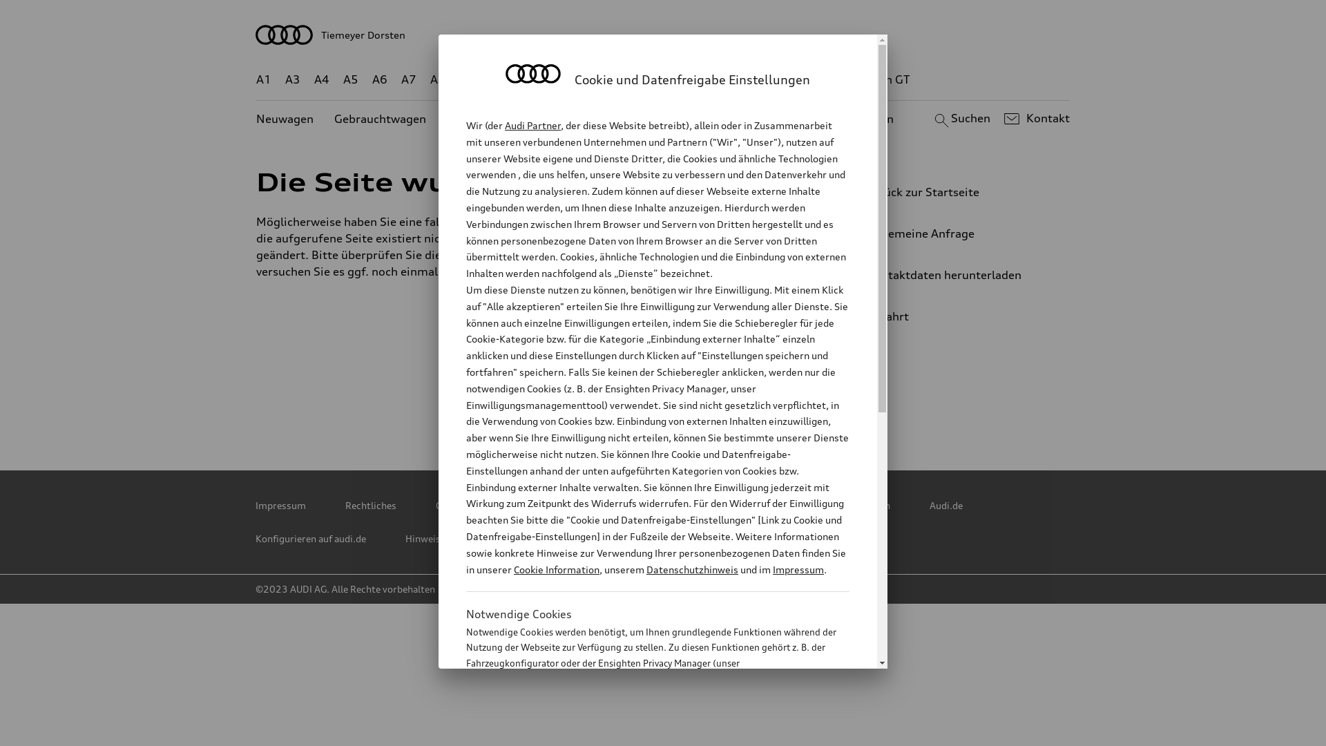 This screenshot has width=1326, height=746. What do you see at coordinates (584, 118) in the screenshot?
I see `'Angebote'` at bounding box center [584, 118].